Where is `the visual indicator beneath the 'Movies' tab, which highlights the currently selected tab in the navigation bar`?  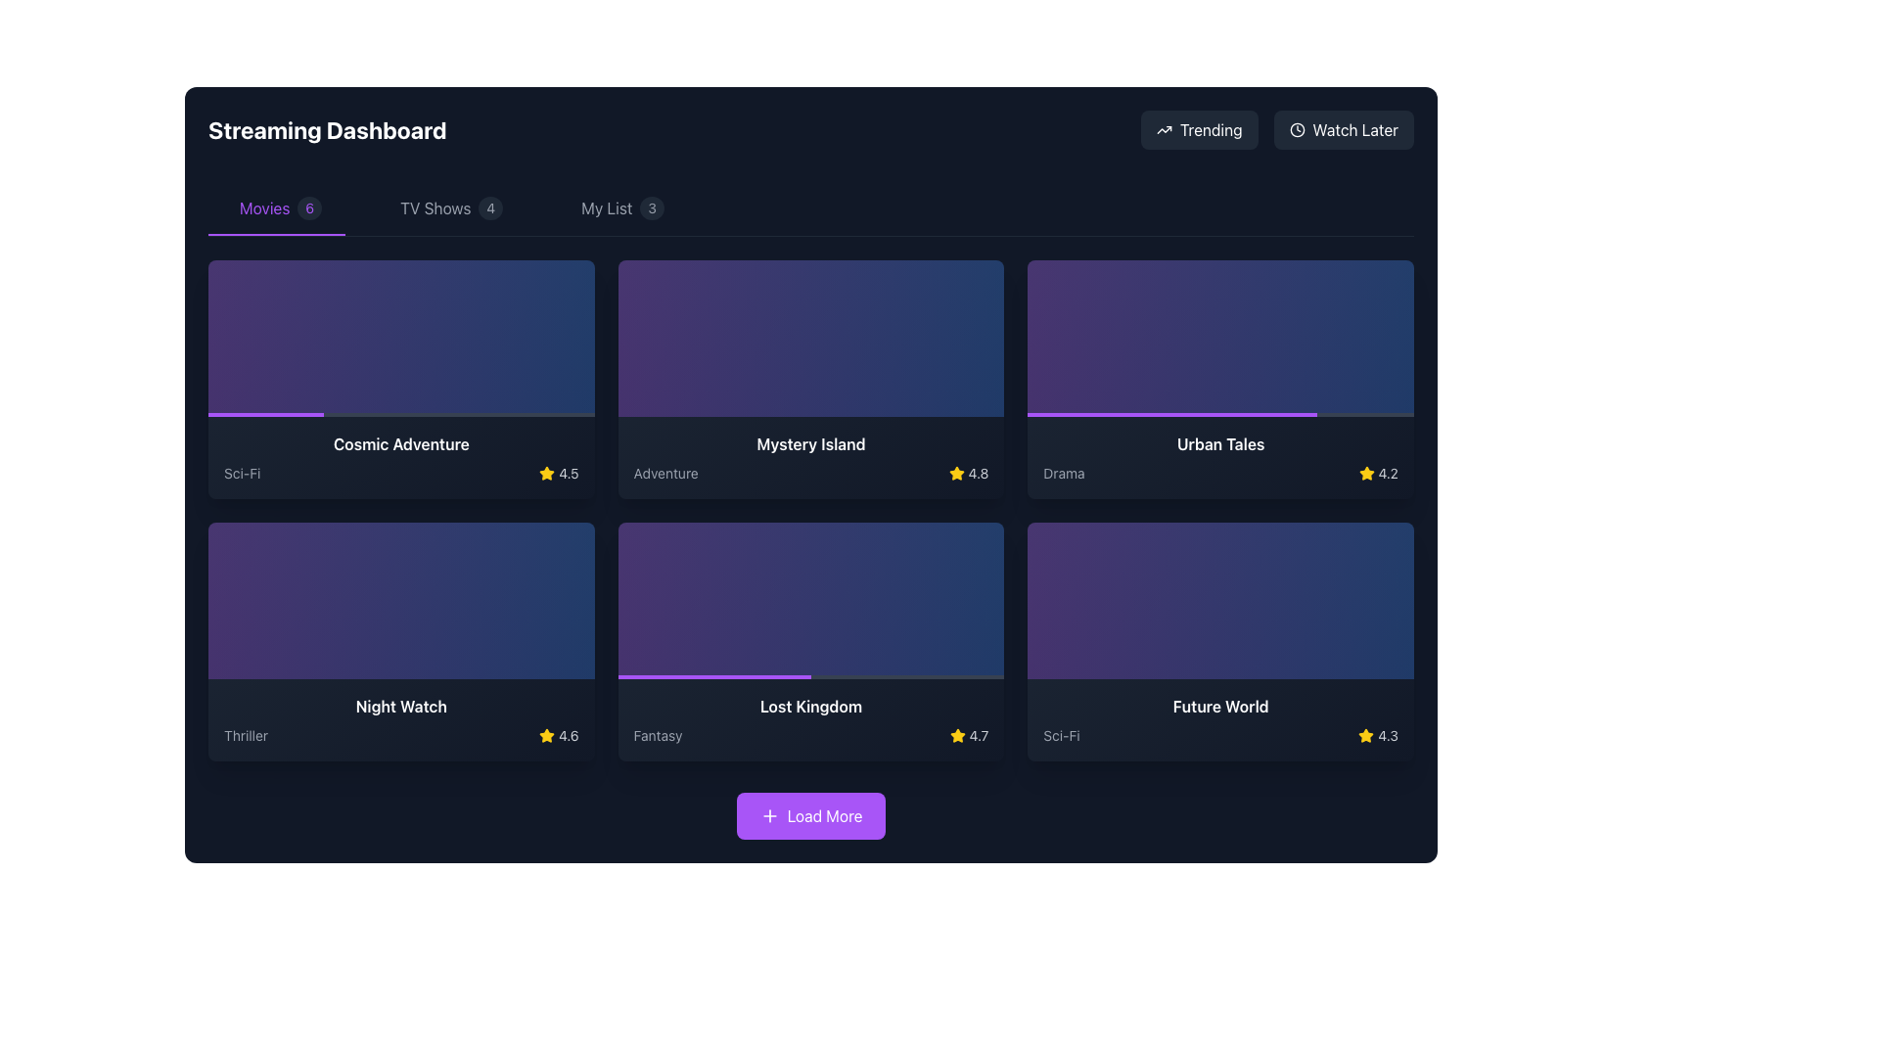 the visual indicator beneath the 'Movies' tab, which highlights the currently selected tab in the navigation bar is located at coordinates (276, 233).